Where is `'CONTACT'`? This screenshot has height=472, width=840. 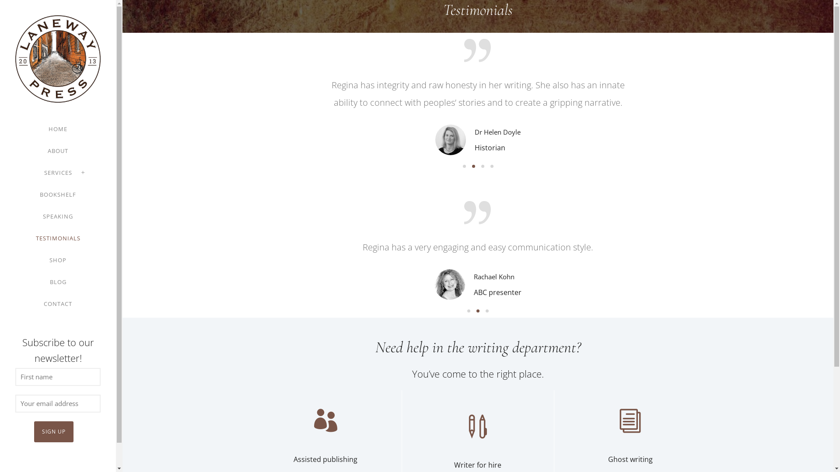
'CONTACT' is located at coordinates (57, 303).